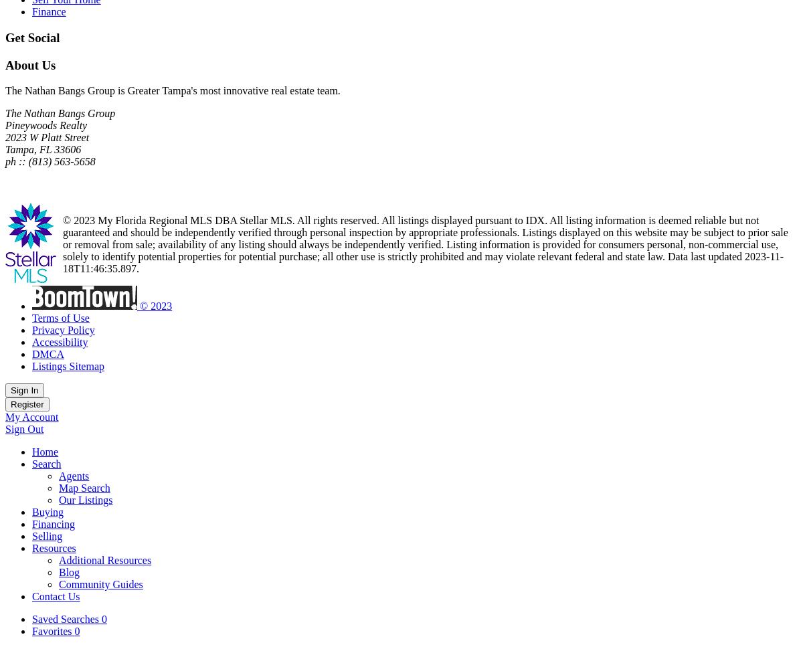 The image size is (803, 647). What do you see at coordinates (48, 11) in the screenshot?
I see `'Finance'` at bounding box center [48, 11].